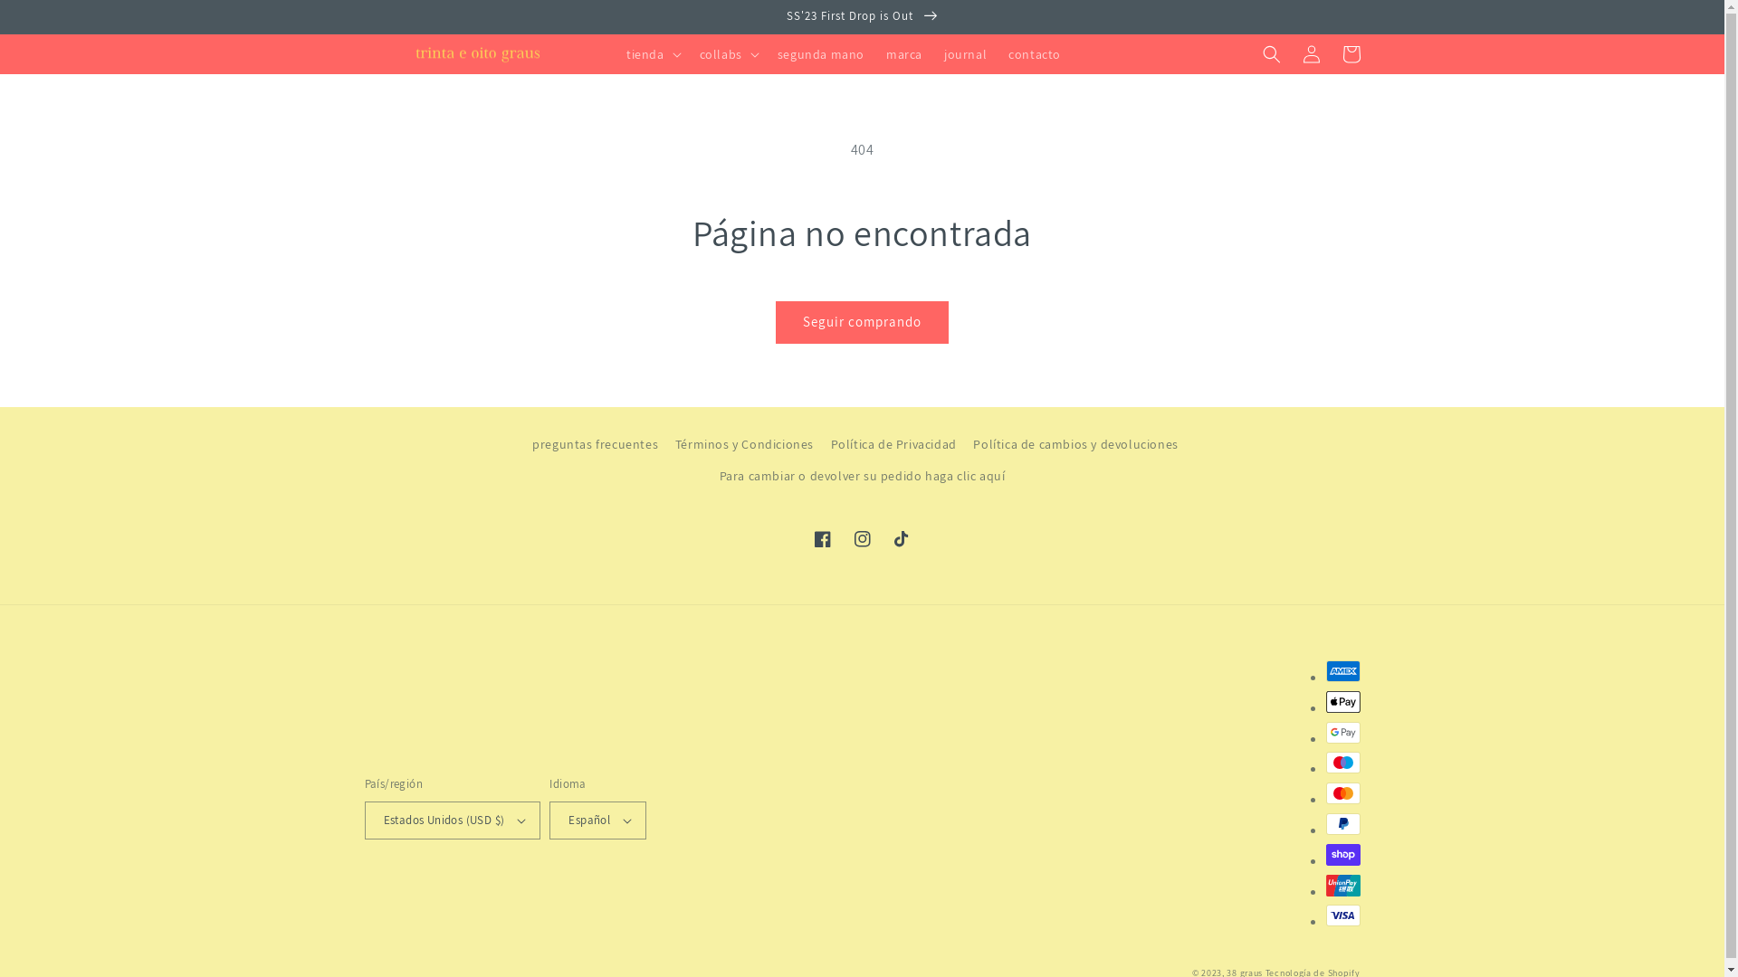 The height and width of the screenshot is (977, 1738). I want to click on 'journal', so click(964, 53).